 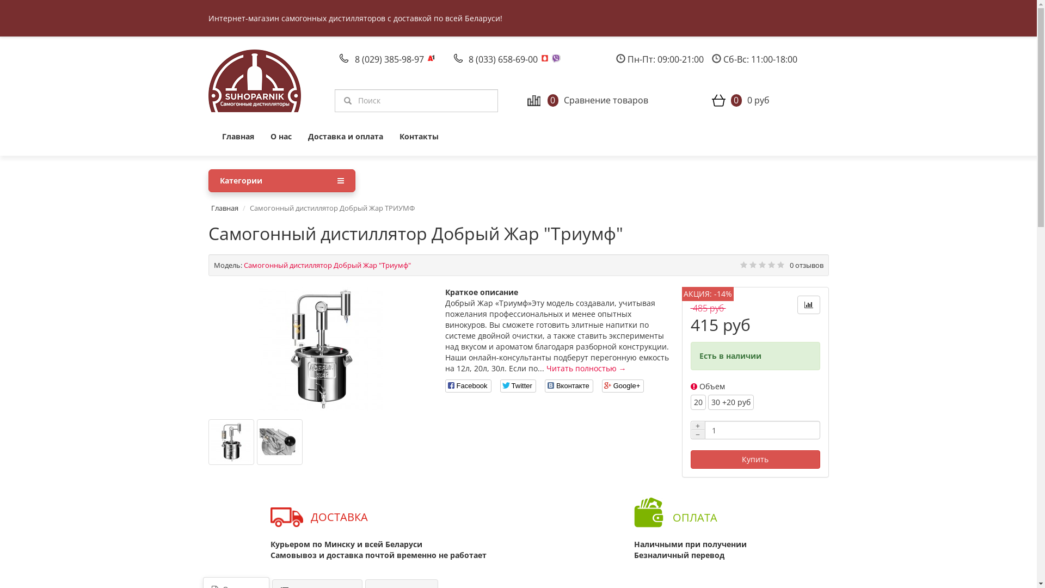 What do you see at coordinates (390, 59) in the screenshot?
I see `'8 (029) 385-98-97'` at bounding box center [390, 59].